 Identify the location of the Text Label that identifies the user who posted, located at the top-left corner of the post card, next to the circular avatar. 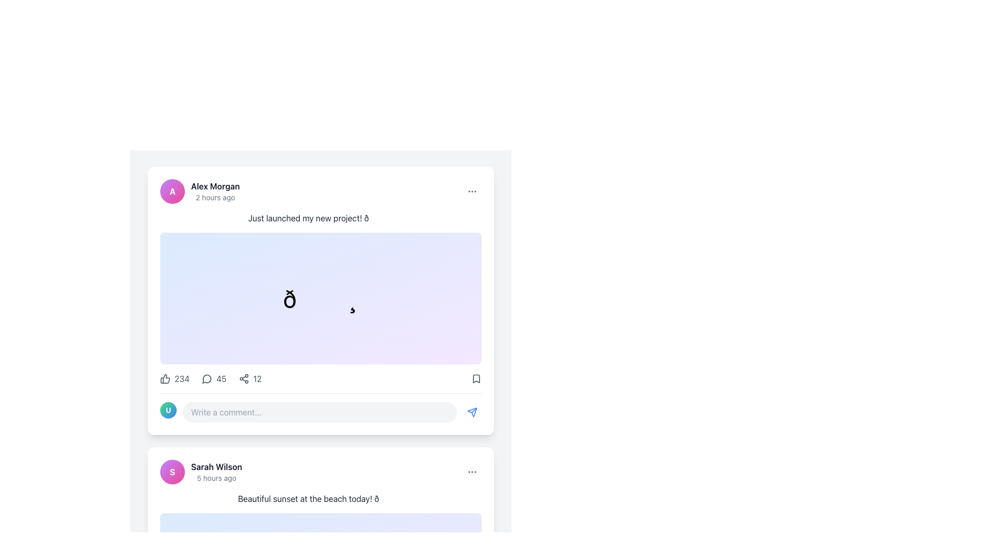
(215, 186).